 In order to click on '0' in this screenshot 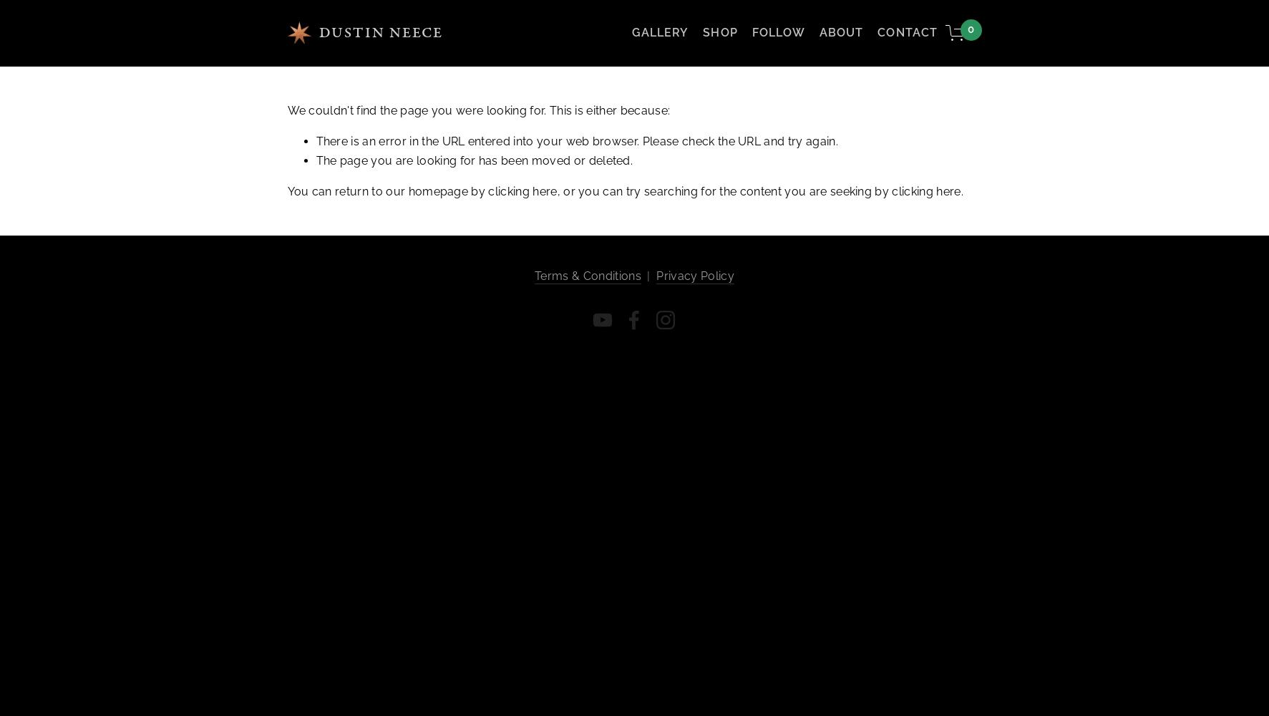, I will do `click(970, 29)`.